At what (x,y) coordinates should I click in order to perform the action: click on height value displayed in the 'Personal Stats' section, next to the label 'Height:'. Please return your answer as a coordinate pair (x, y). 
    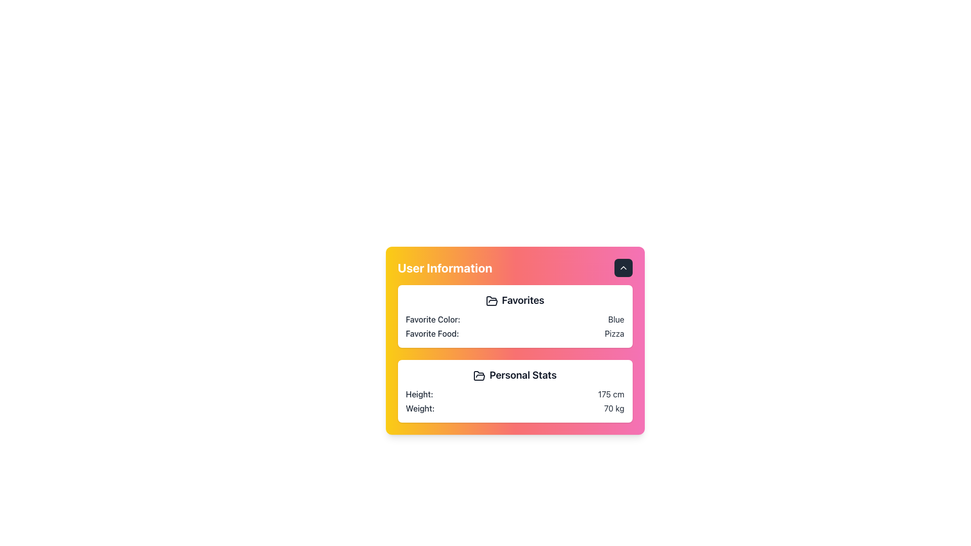
    Looking at the image, I should click on (610, 393).